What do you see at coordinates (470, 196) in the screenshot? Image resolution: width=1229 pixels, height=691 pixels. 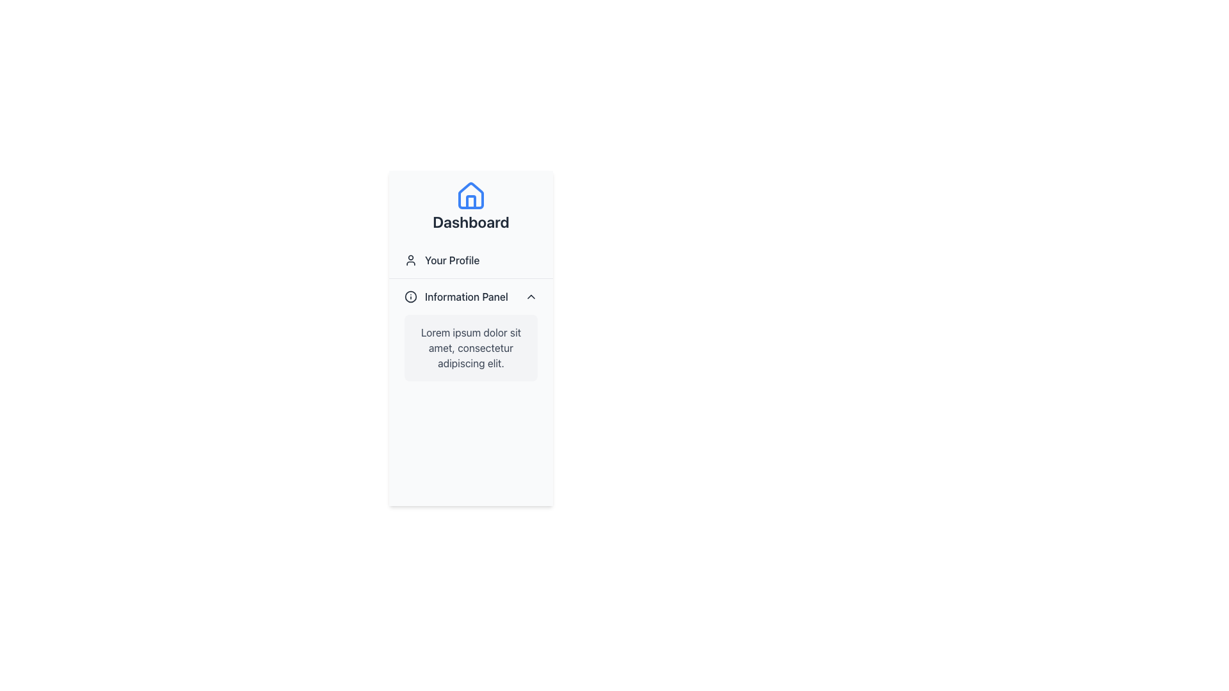 I see `the icon that visually indicates the purpose of the 'Dashboard' section, positioned centrally above the 'Dashboard' label` at bounding box center [470, 196].